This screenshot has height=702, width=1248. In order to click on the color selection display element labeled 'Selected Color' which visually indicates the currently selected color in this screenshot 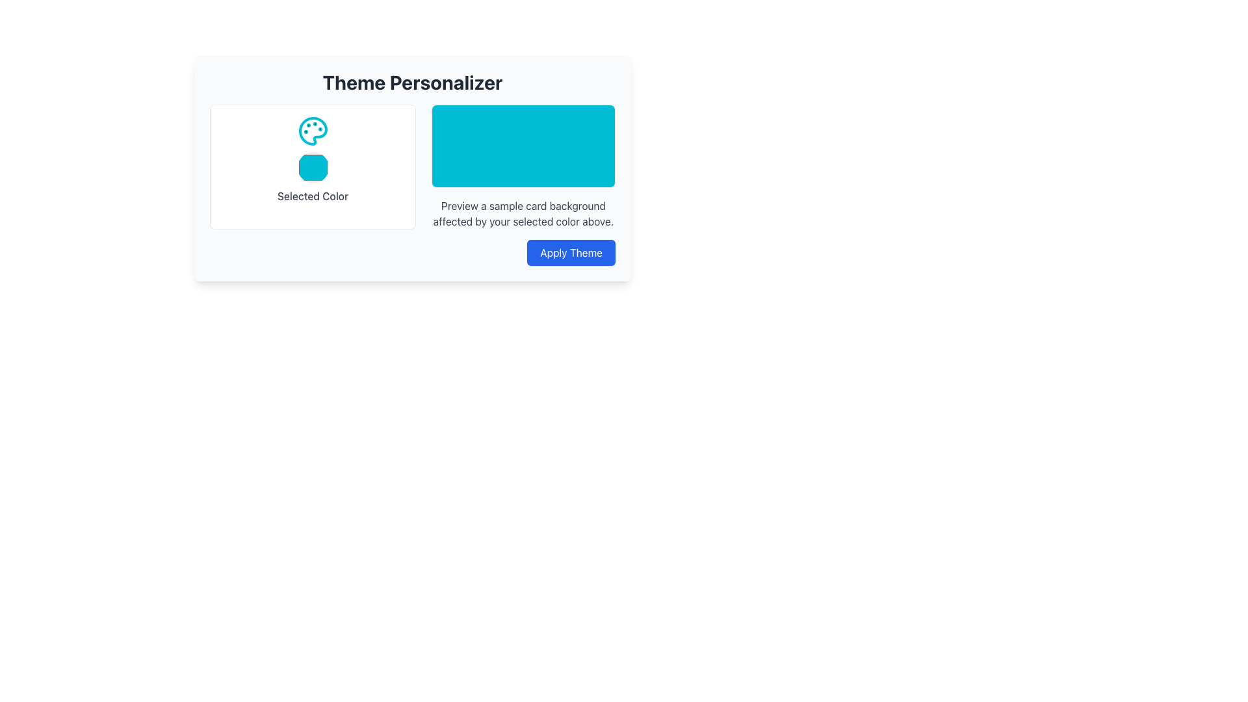, I will do `click(313, 166)`.